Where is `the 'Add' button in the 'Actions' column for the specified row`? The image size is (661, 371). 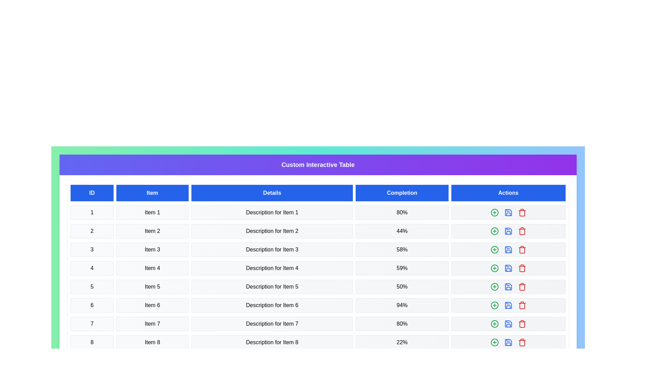 the 'Add' button in the 'Actions' column for the specified row is located at coordinates (494, 212).